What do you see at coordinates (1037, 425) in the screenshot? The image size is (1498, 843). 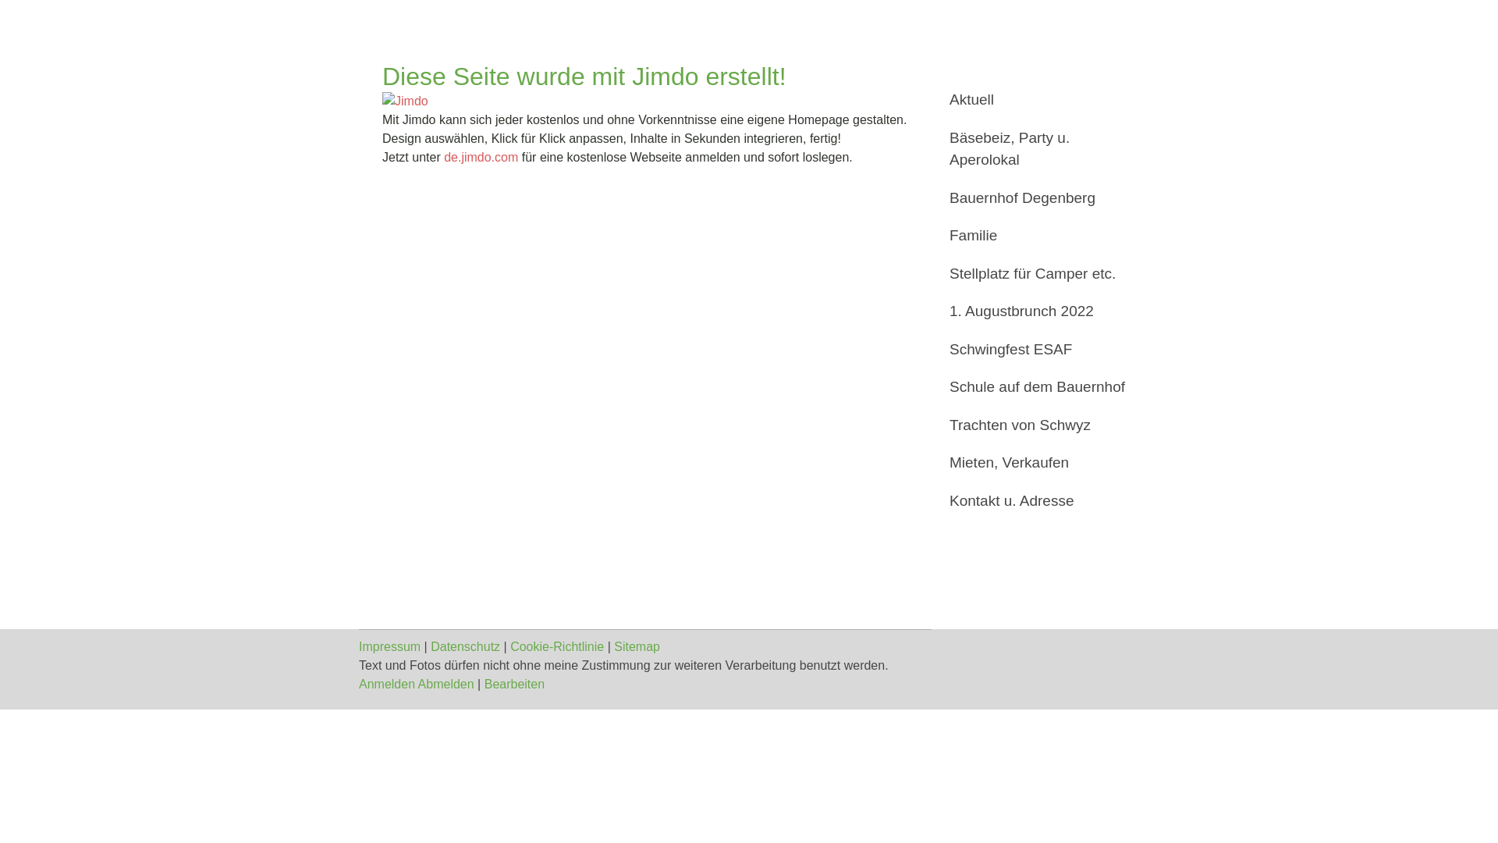 I see `'Trachten von Schwyz'` at bounding box center [1037, 425].